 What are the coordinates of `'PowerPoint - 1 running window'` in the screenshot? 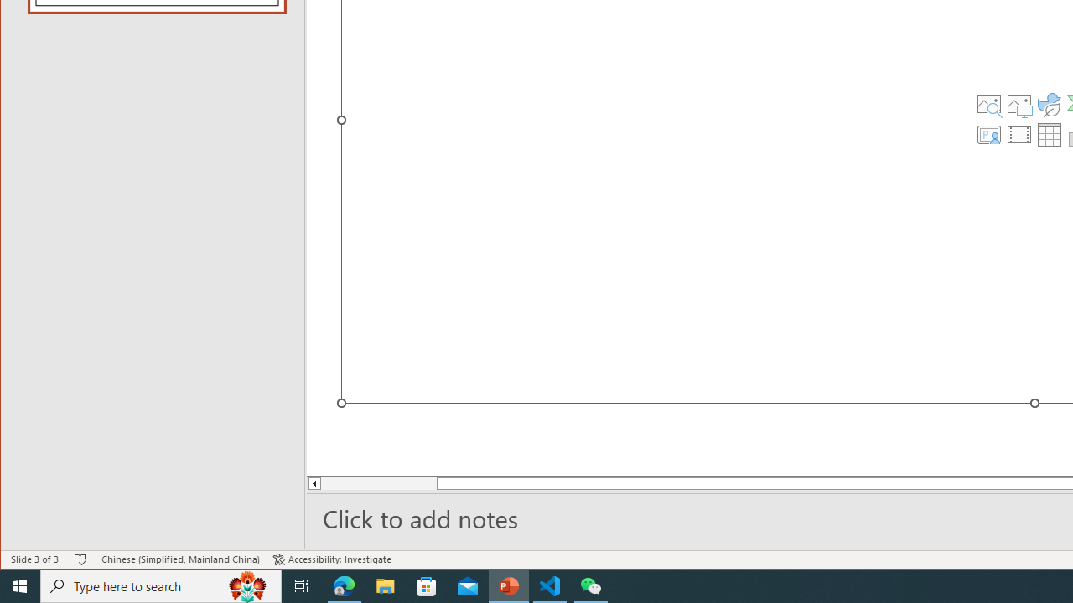 It's located at (508, 585).